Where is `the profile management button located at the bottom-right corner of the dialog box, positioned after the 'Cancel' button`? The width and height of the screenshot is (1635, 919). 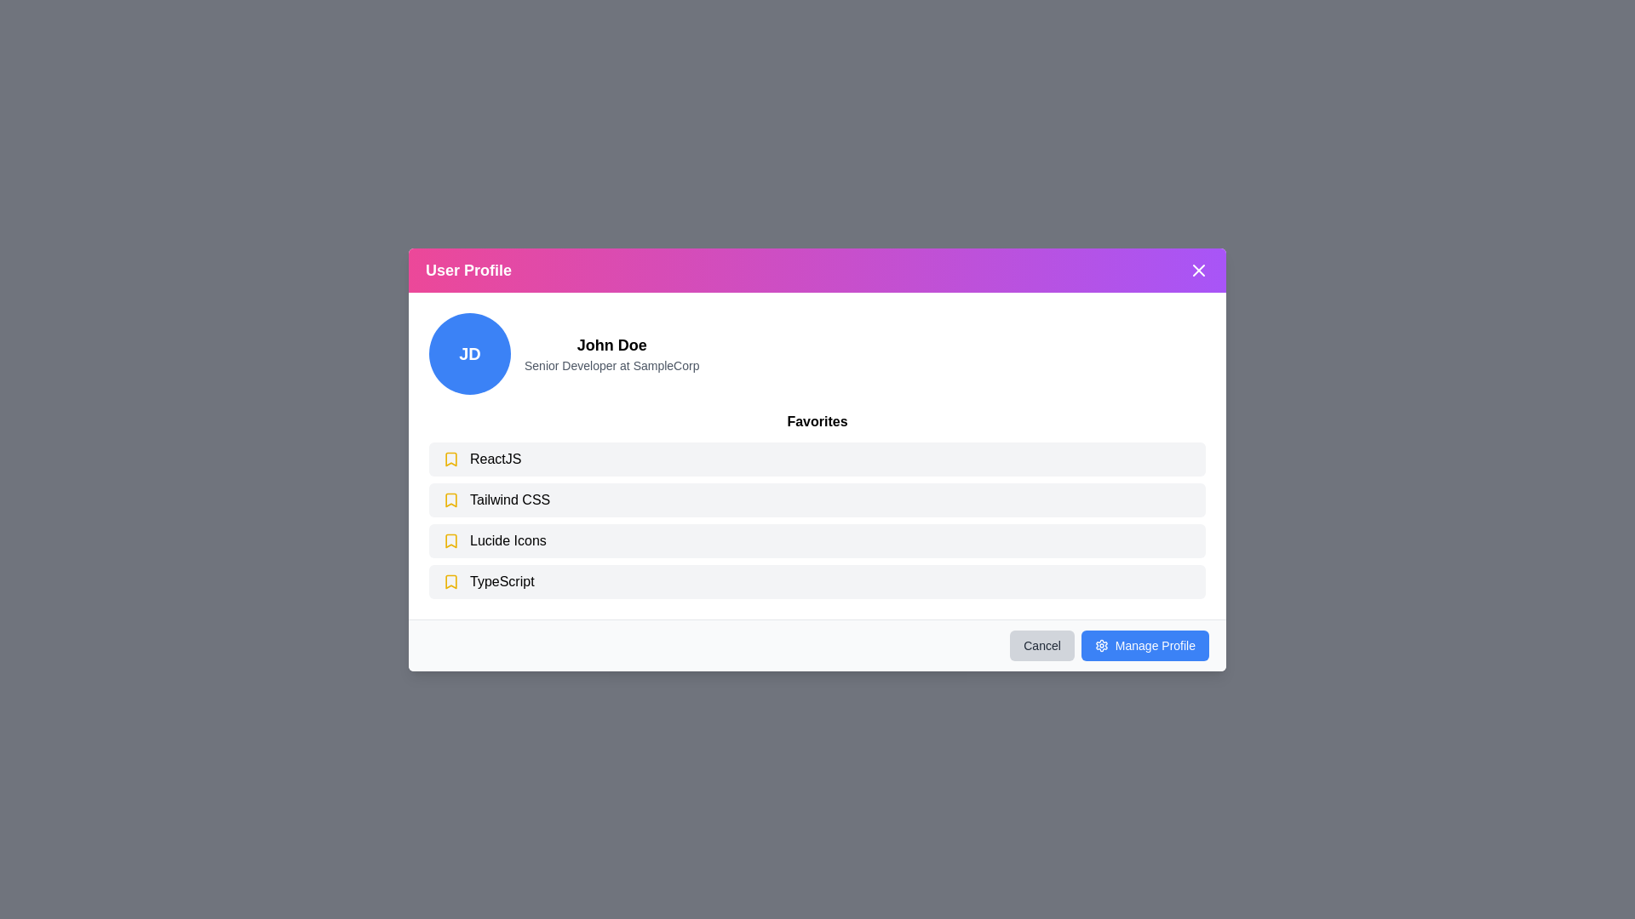 the profile management button located at the bottom-right corner of the dialog box, positioned after the 'Cancel' button is located at coordinates (1144, 645).